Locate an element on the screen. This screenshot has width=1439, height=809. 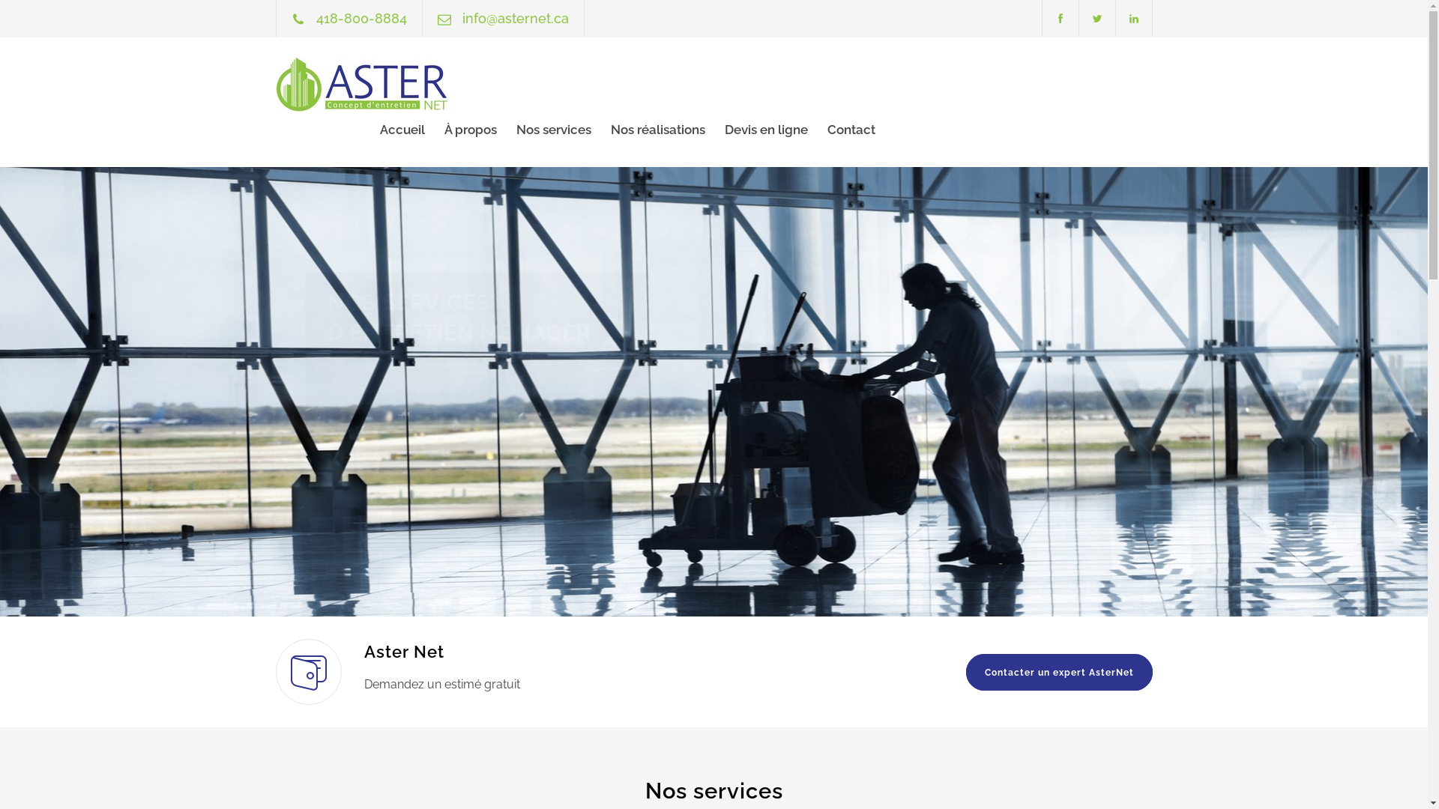
'Devis en ligne' is located at coordinates (755, 129).